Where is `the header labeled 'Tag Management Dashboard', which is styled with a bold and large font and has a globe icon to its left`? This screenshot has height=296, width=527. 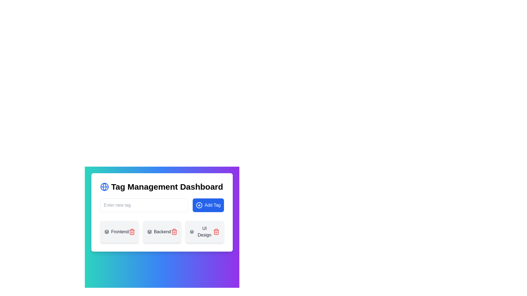 the header labeled 'Tag Management Dashboard', which is styled with a bold and large font and has a globe icon to its left is located at coordinates (162, 187).